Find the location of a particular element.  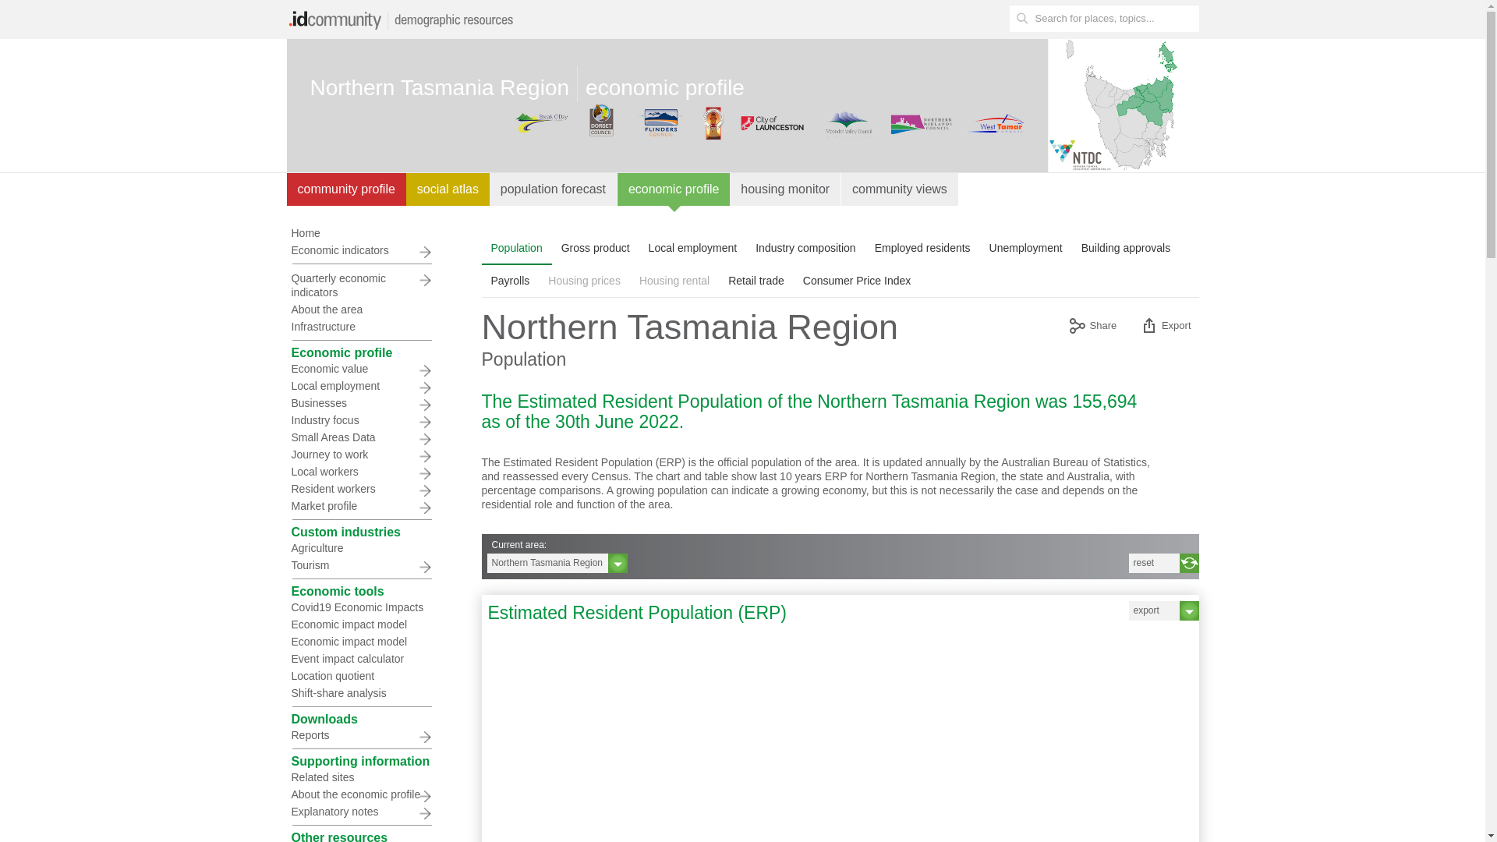

'Consumer Price Index' is located at coordinates (856, 279).